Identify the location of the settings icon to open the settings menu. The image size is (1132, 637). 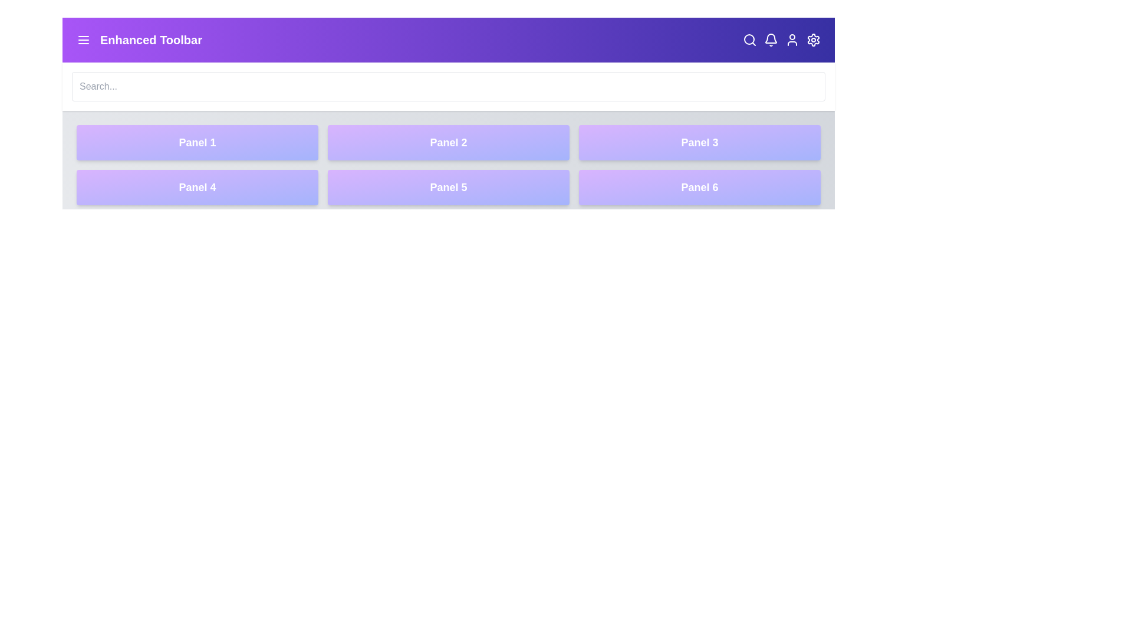
(813, 40).